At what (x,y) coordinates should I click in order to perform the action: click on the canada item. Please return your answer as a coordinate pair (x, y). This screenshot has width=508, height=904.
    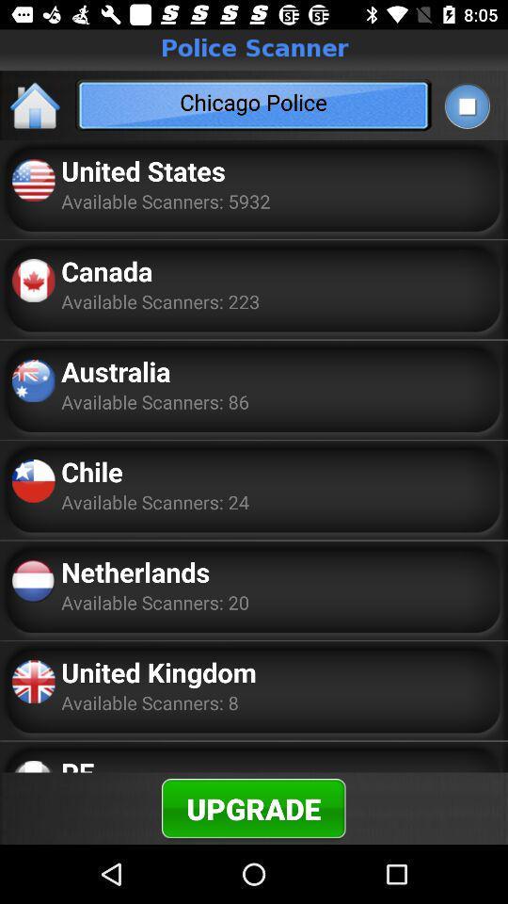
    Looking at the image, I should click on (106, 269).